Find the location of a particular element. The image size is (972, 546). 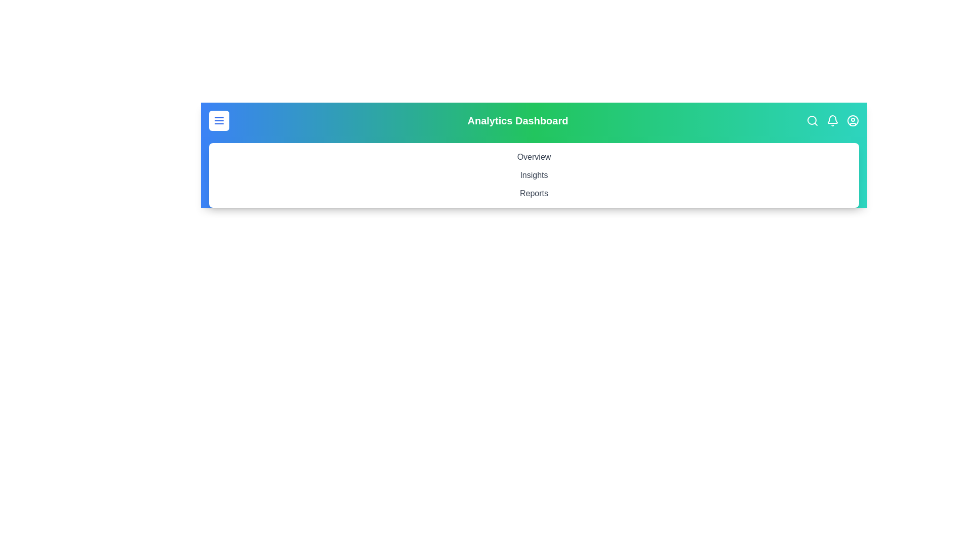

the menu button to toggle the menu visibility is located at coordinates (218, 120).